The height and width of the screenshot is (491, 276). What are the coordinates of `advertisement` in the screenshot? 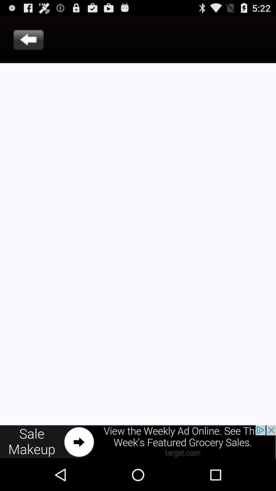 It's located at (138, 442).